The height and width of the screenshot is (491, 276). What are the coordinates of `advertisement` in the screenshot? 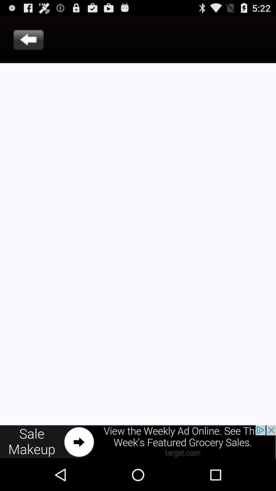 It's located at (138, 442).